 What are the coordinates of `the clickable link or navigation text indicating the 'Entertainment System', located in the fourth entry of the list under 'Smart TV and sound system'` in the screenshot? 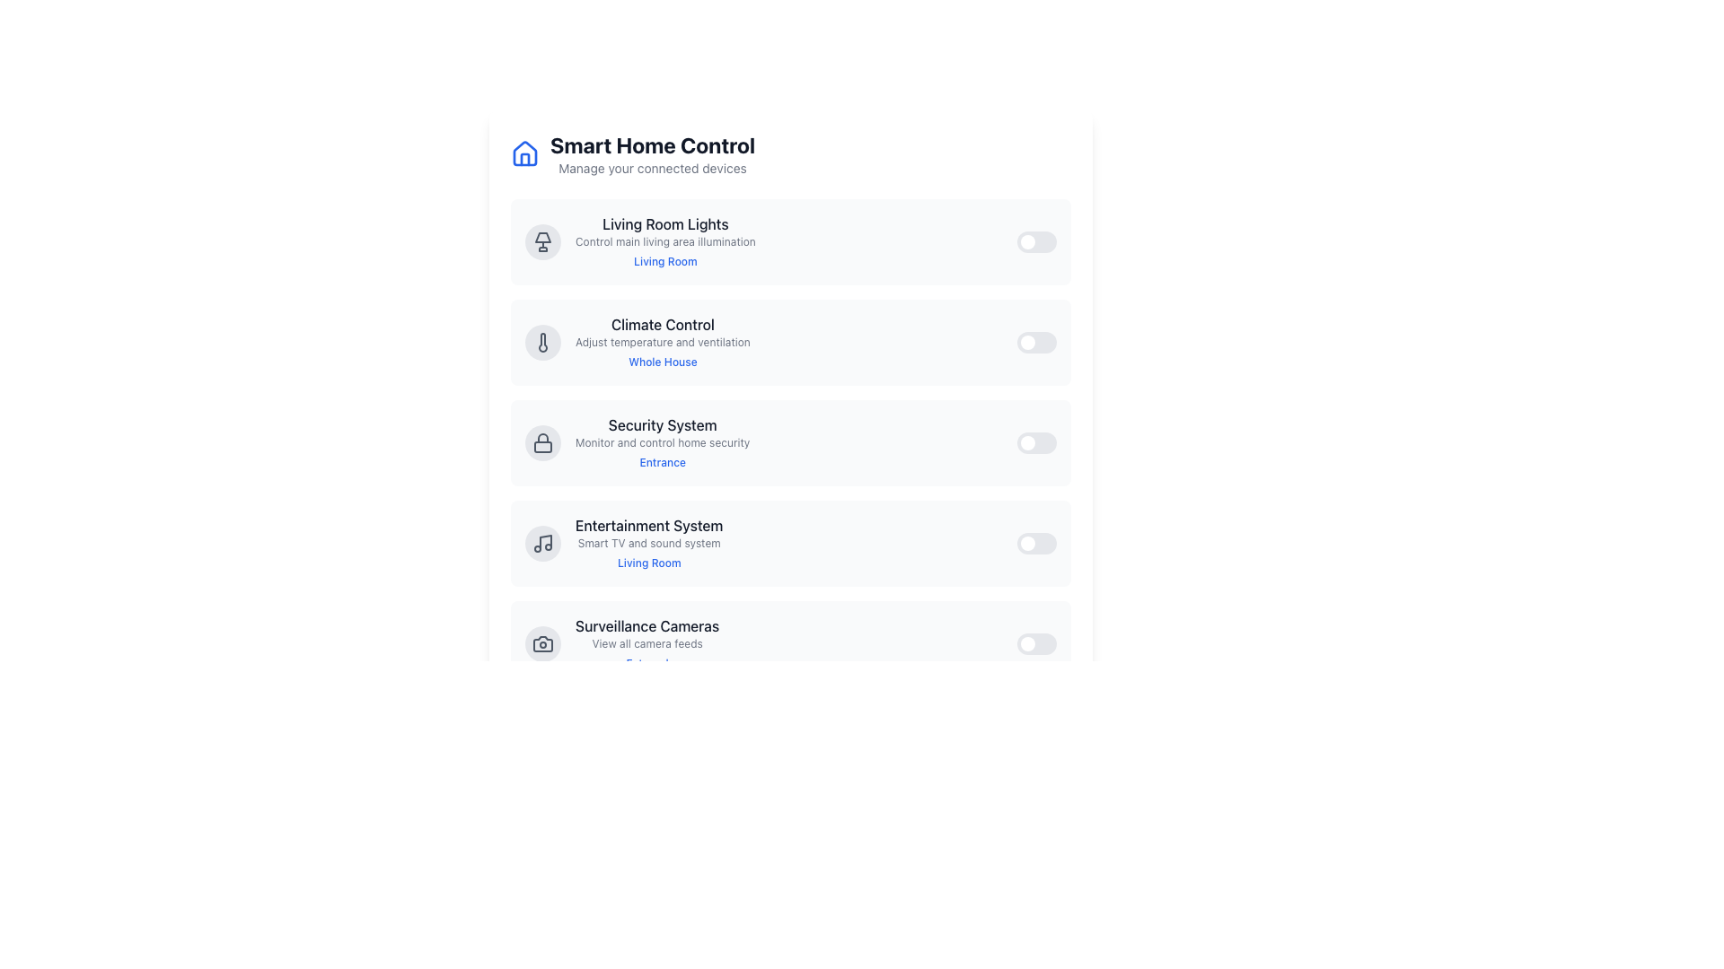 It's located at (648, 562).